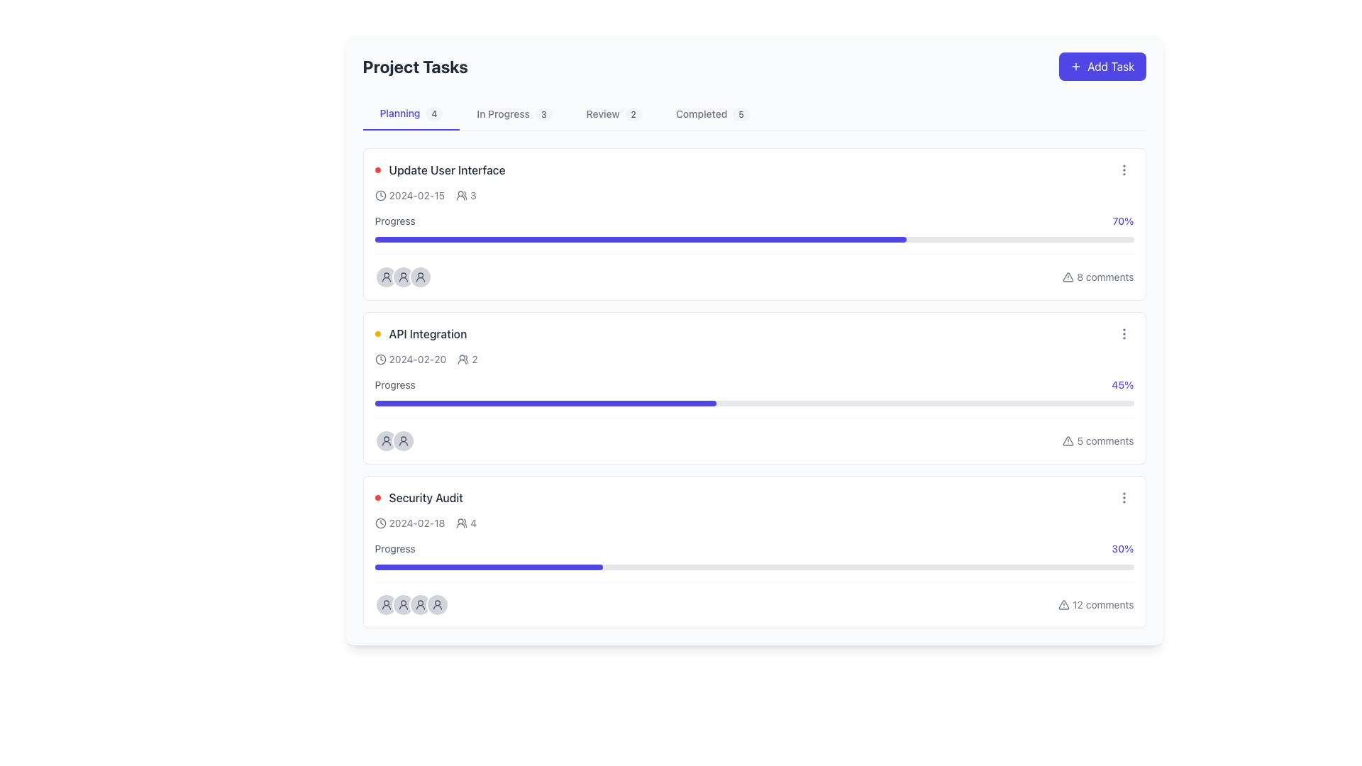 This screenshot has height=766, width=1362. I want to click on the alert icon located to the left of '12 comments', so click(1064, 604).